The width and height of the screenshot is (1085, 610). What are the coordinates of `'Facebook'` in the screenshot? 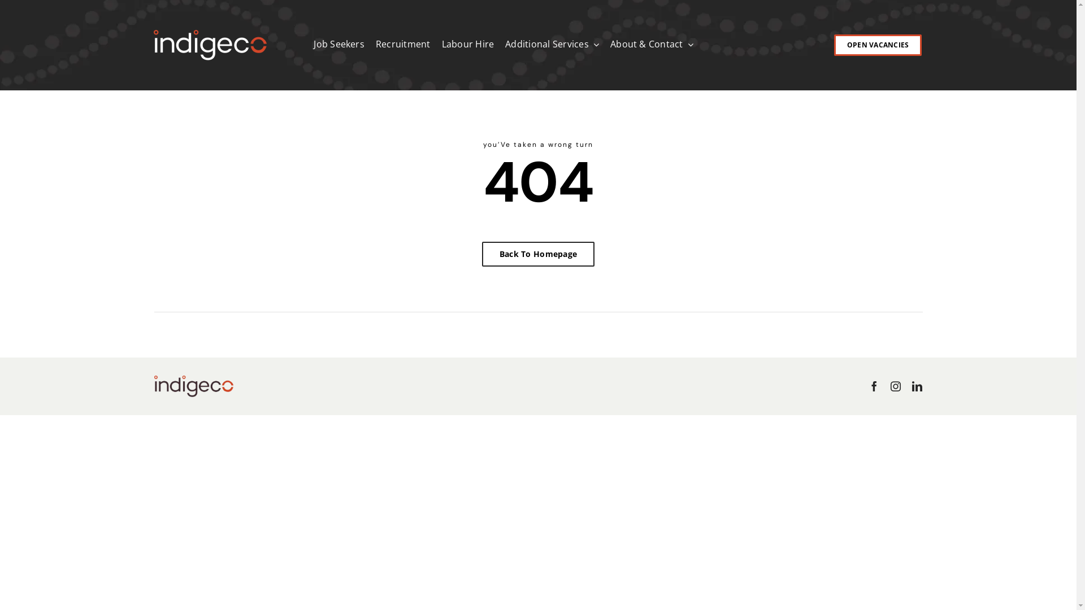 It's located at (873, 385).